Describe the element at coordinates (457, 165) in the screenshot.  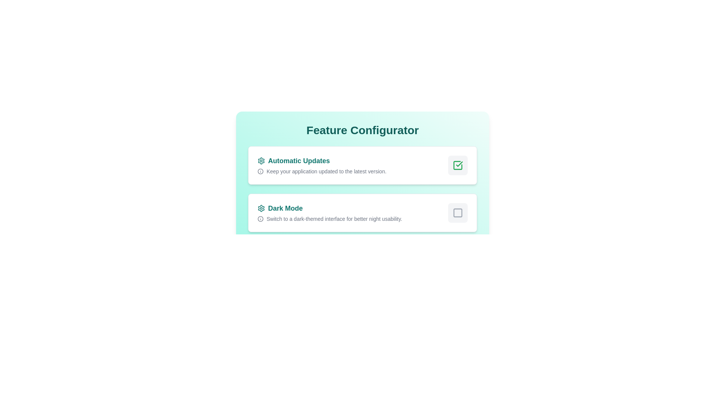
I see `the checkbox that enables or disables the 'Automatic Updates' feature` at that location.